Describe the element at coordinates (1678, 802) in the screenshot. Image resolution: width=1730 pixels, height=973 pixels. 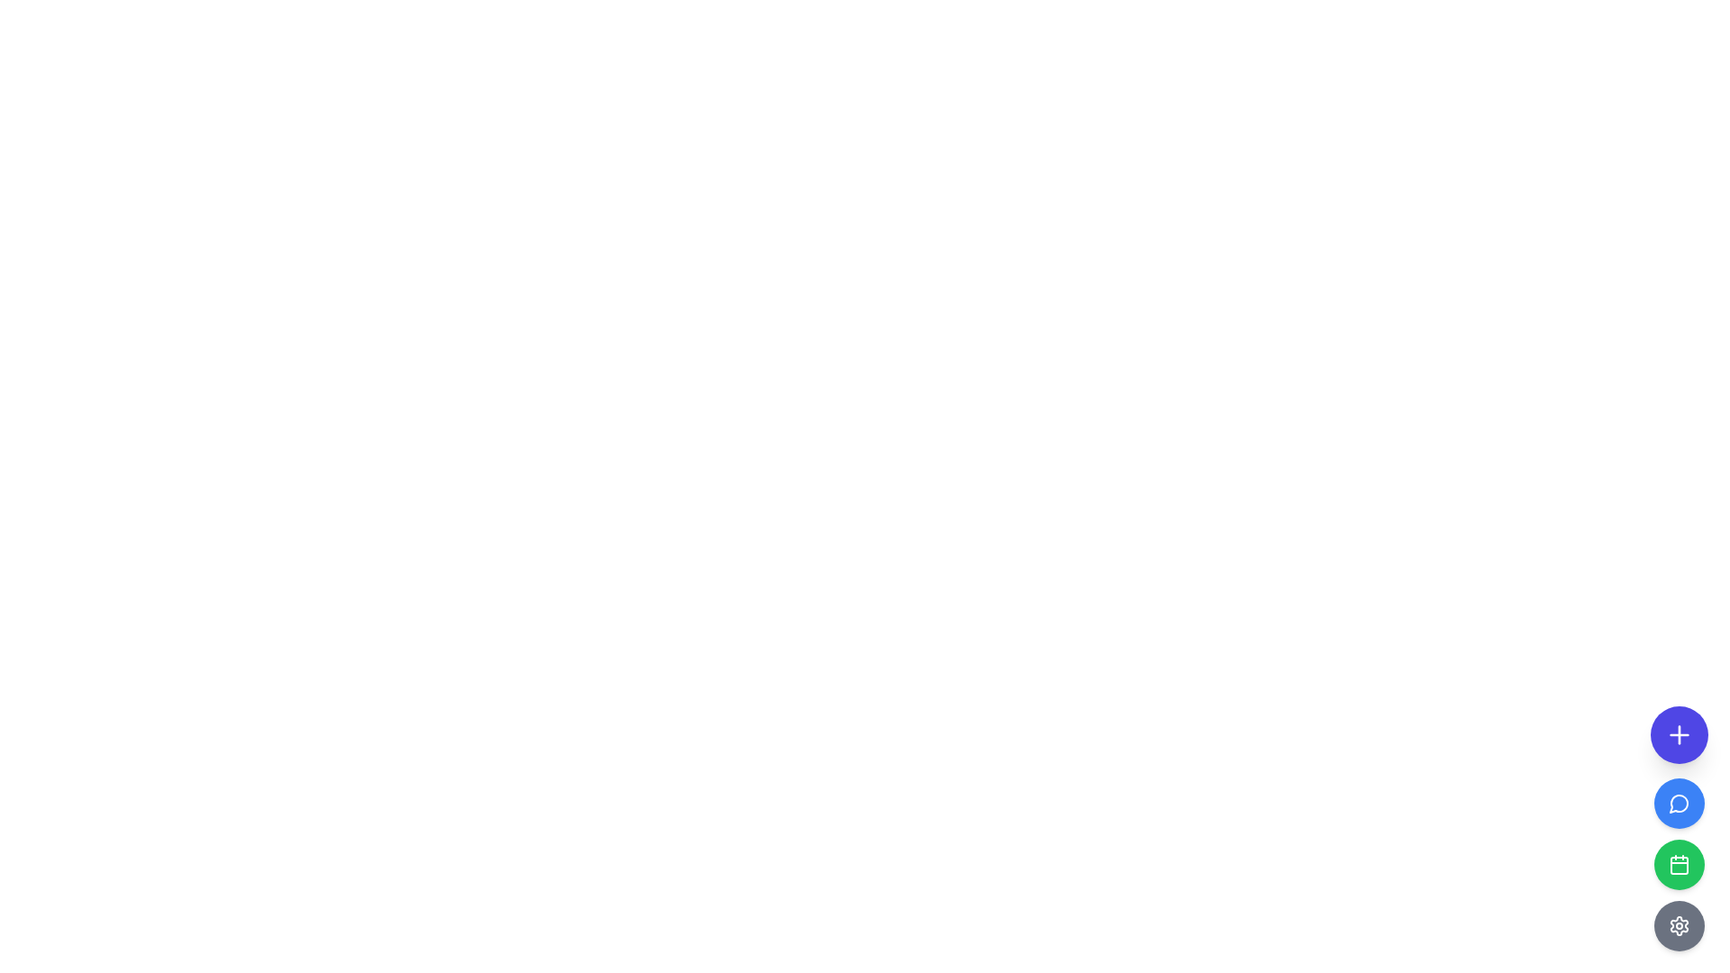
I see `the second circular button located on the right side of the interface, which is positioned below the button with a plus symbol and above the button with a calendar icon` at that location.